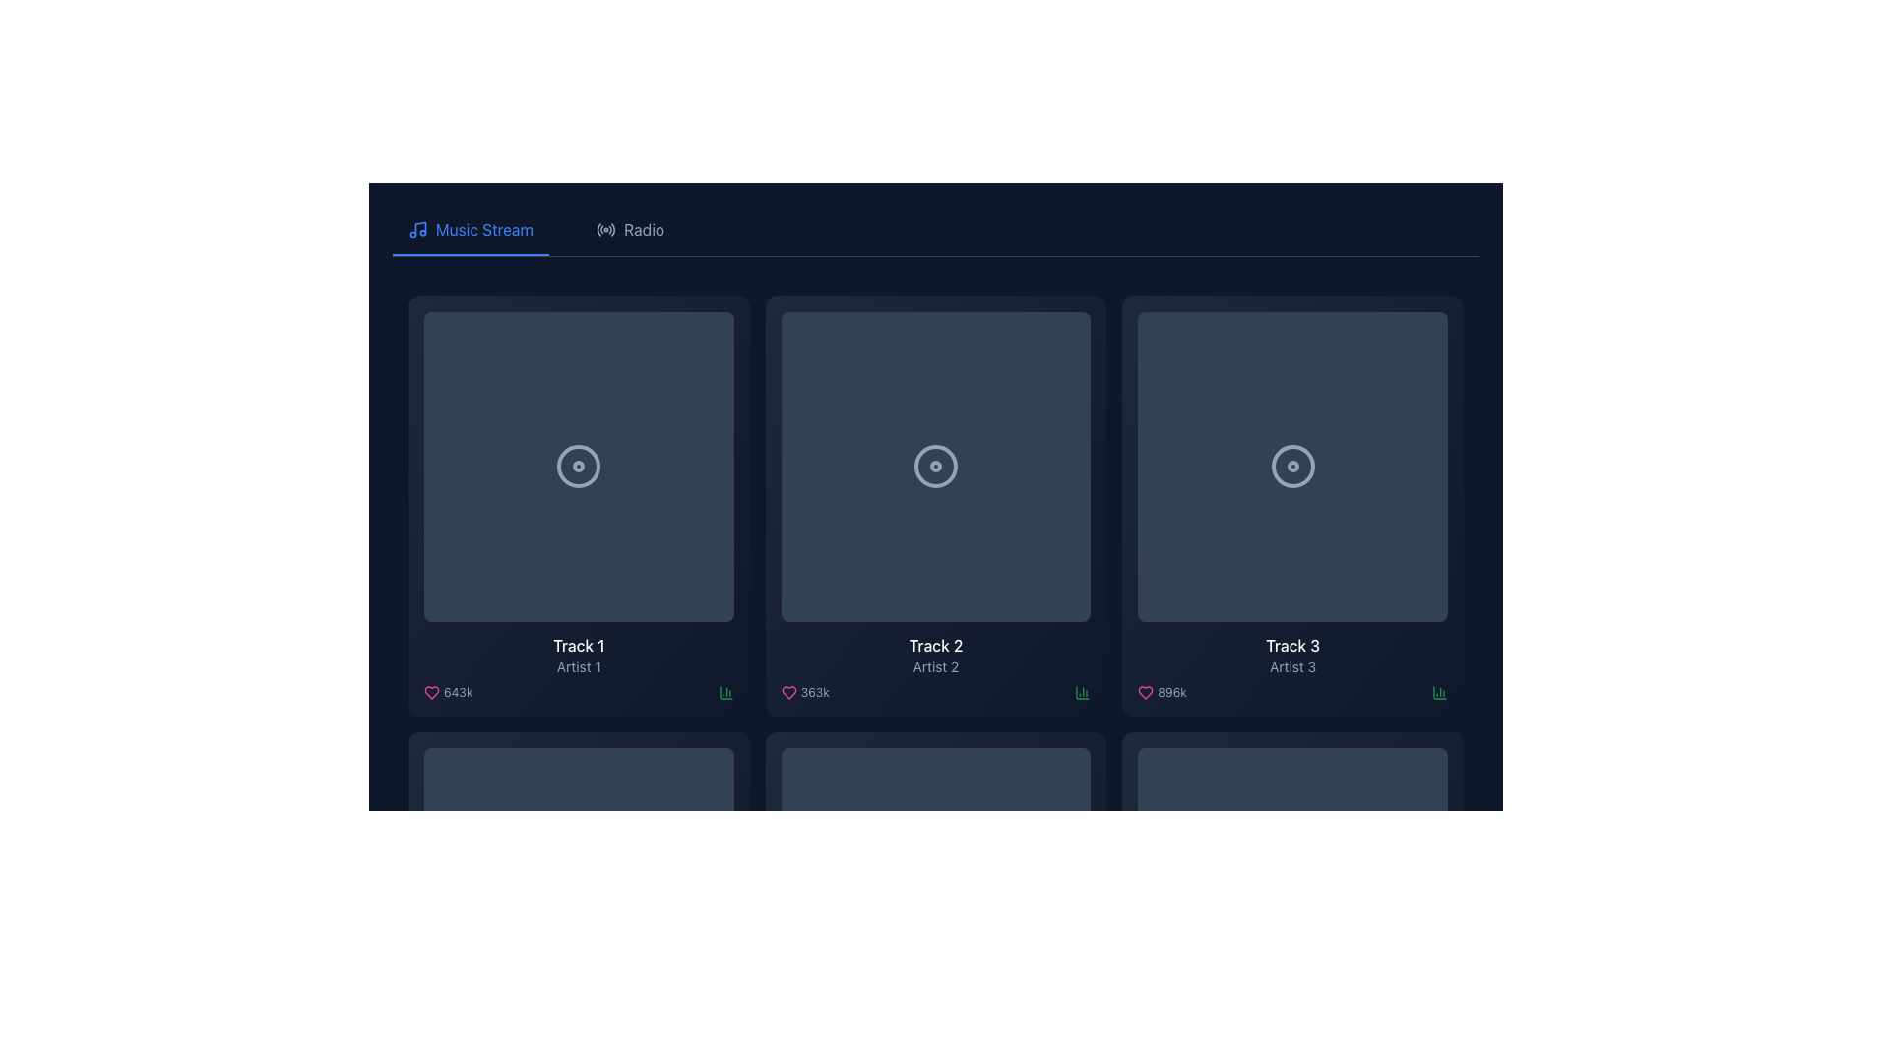 The image size is (1890, 1063). Describe the element at coordinates (484, 229) in the screenshot. I see `the 'Music Stream' text label, which is displayed in a bold blue font next to a music note icon on a dark background` at that location.